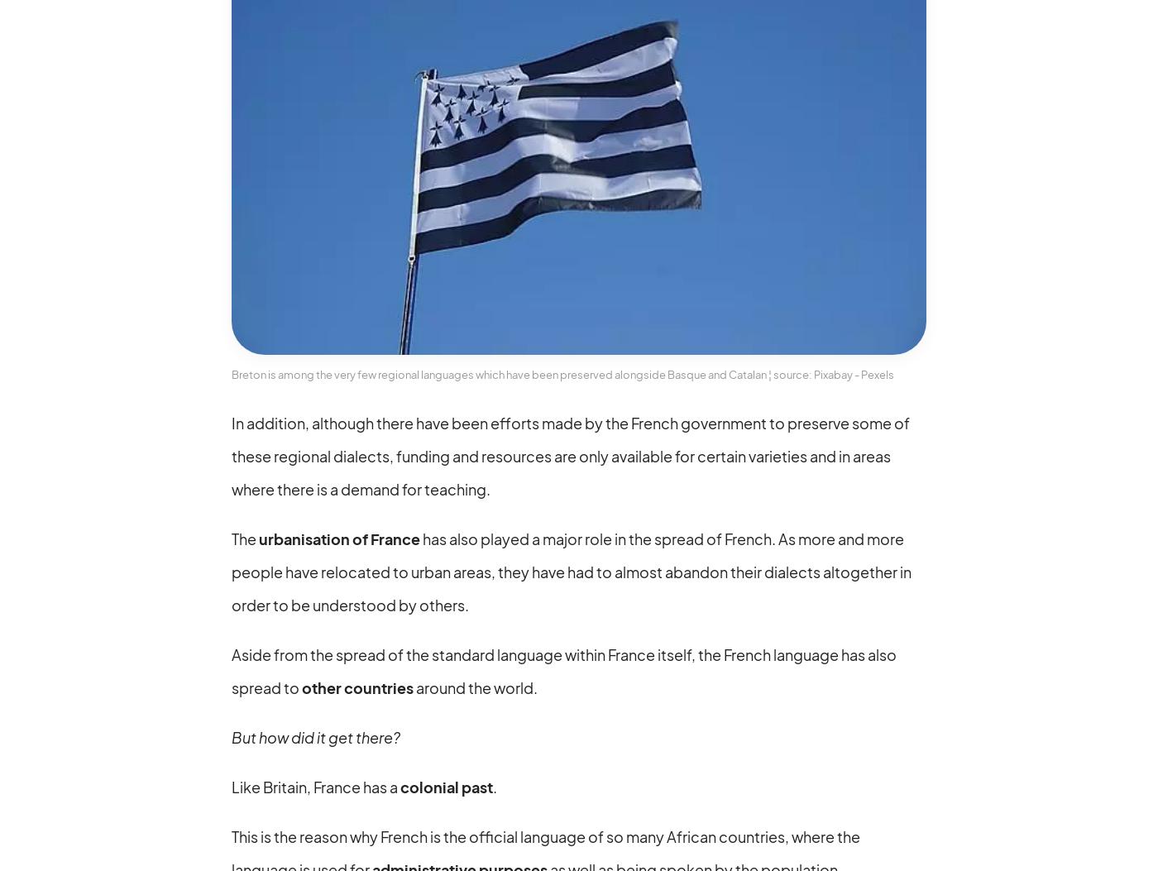 This screenshot has height=871, width=1158. I want to click on 'But how did it get there?', so click(316, 736).